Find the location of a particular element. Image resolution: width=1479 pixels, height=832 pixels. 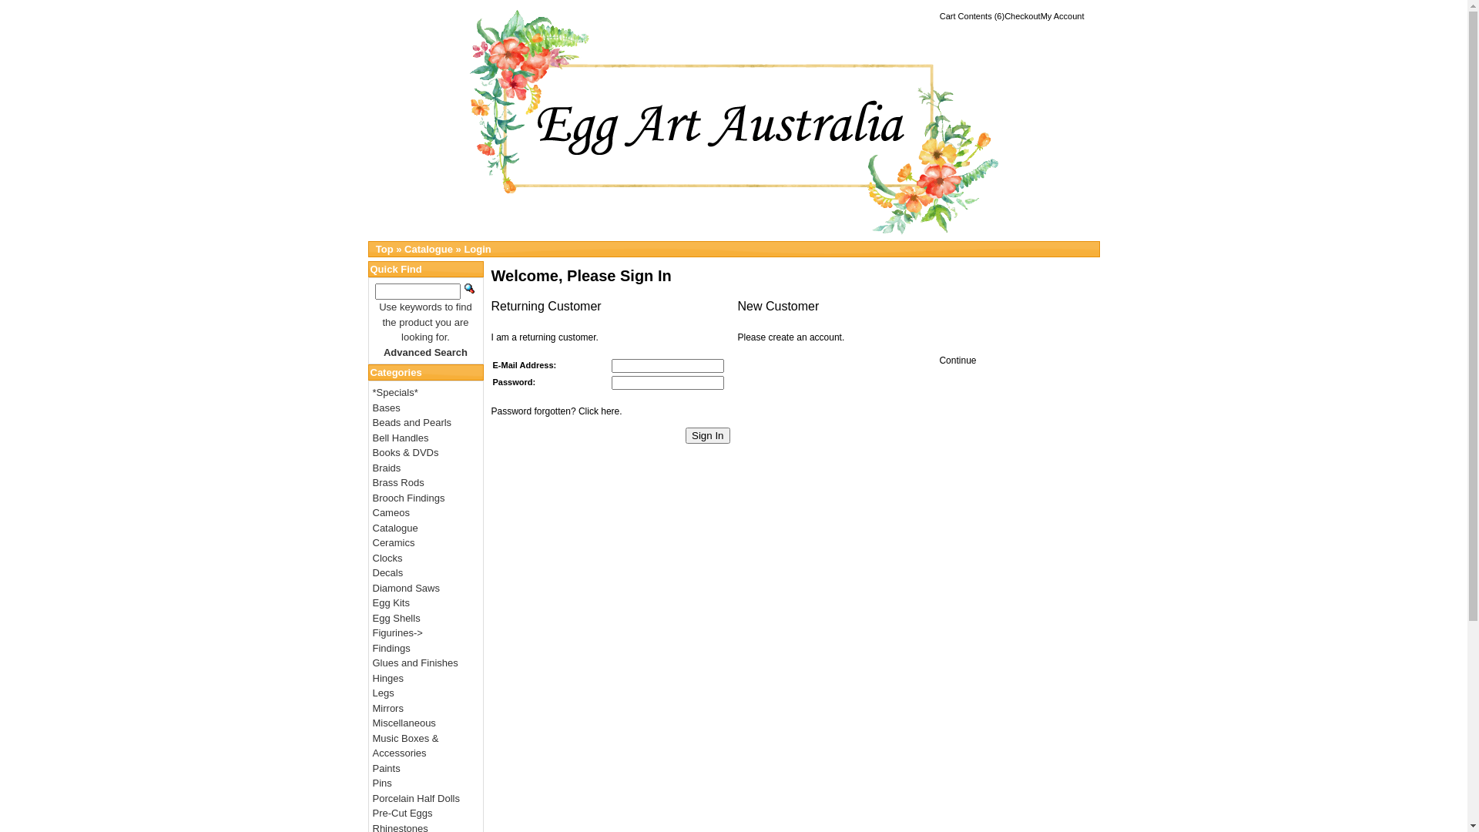

'Braids' is located at coordinates (387, 467).